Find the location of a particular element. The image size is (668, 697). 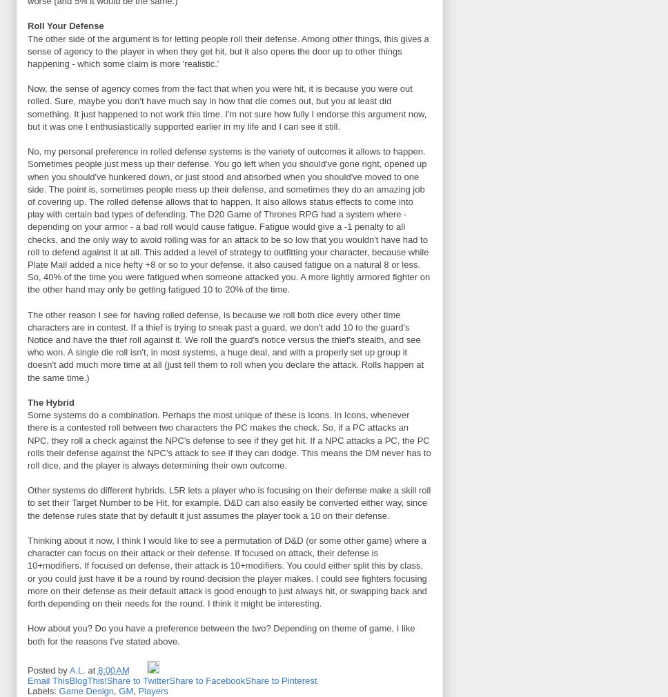

'8:00 AM' is located at coordinates (97, 670).